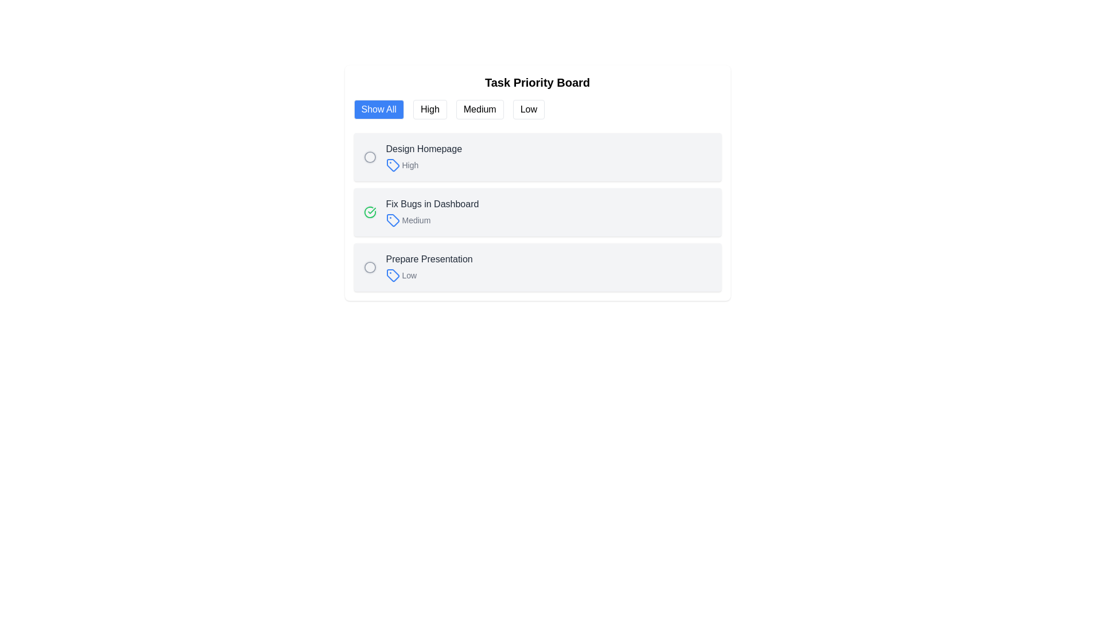 The height and width of the screenshot is (620, 1102). Describe the element at coordinates (432, 212) in the screenshot. I see `the text display element for the task 'Fix Bugs in Dashboard'` at that location.